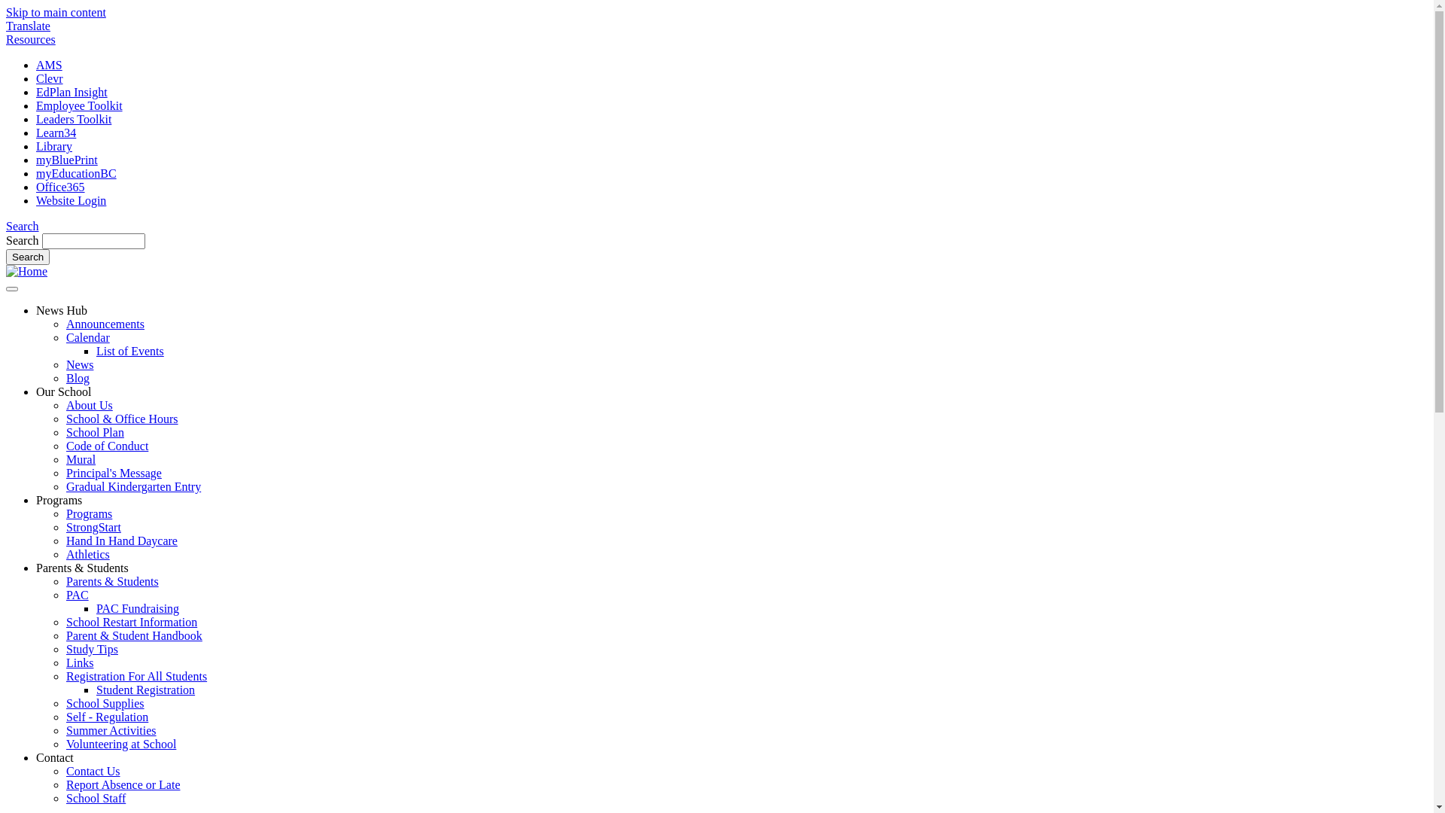 The image size is (1445, 813). I want to click on 'Self - Regulation', so click(106, 716).